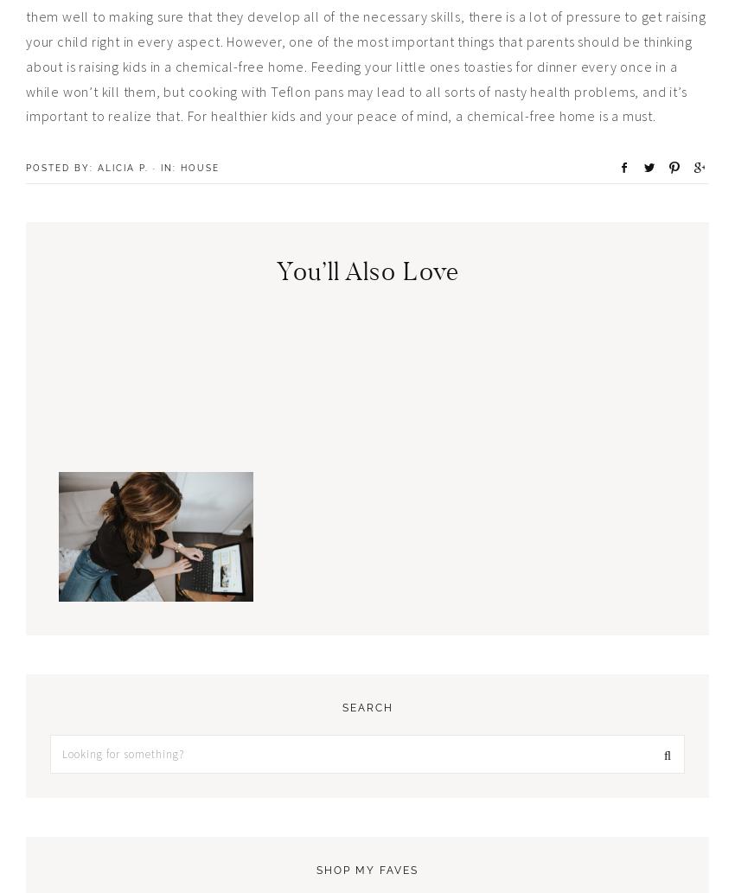  What do you see at coordinates (367, 271) in the screenshot?
I see `'You’ll Also Love'` at bounding box center [367, 271].